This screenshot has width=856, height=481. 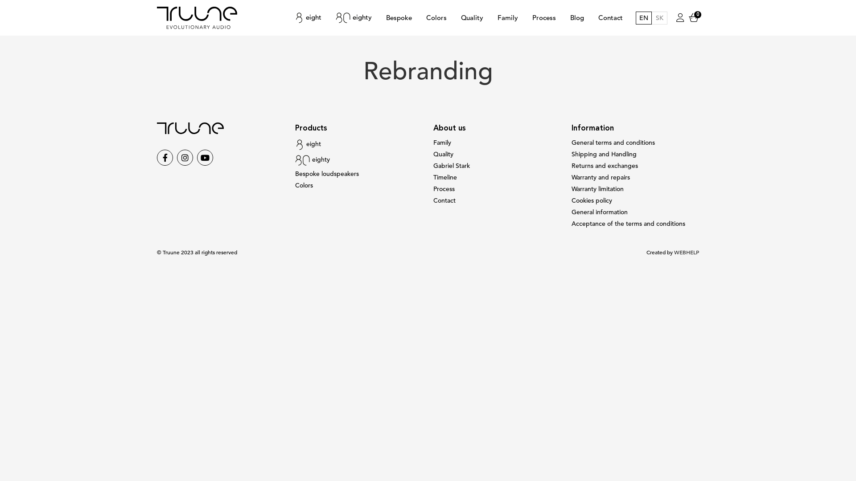 What do you see at coordinates (433, 166) in the screenshot?
I see `'Gabriel Stark'` at bounding box center [433, 166].